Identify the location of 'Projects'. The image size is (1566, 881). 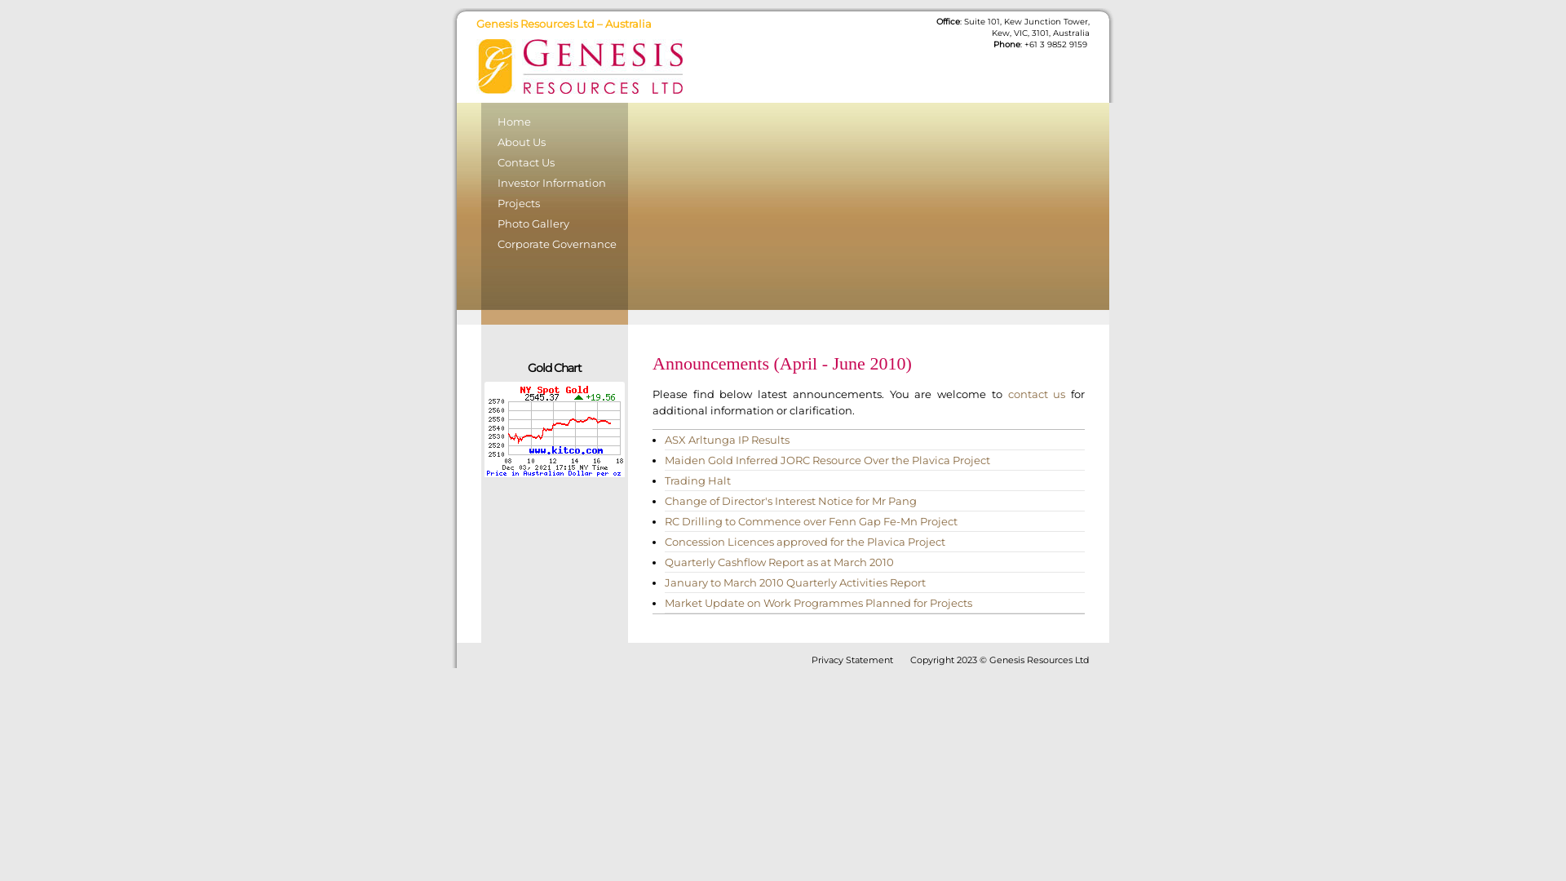
(555, 204).